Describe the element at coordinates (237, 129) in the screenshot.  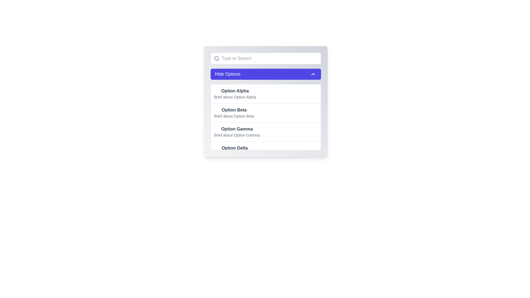
I see `the bold and dark gray text label reading 'Option Gamma' in the dropdown list interface` at that location.